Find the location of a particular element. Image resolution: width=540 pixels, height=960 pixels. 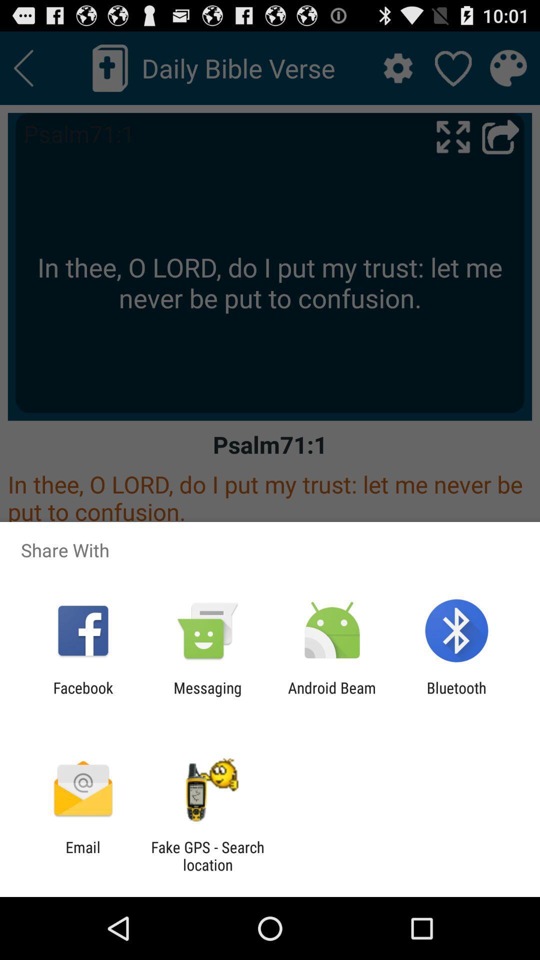

the icon to the right of messaging icon is located at coordinates (332, 696).